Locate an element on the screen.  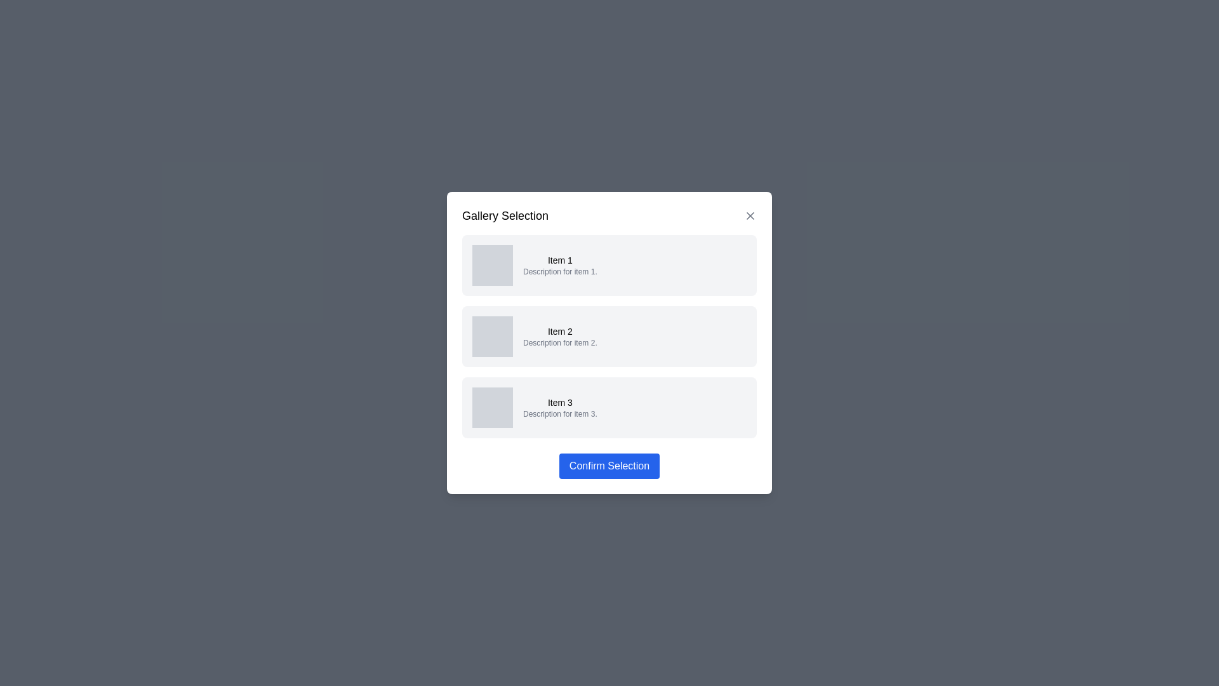
the 'Item 3' text within the selection box is located at coordinates (559, 407).